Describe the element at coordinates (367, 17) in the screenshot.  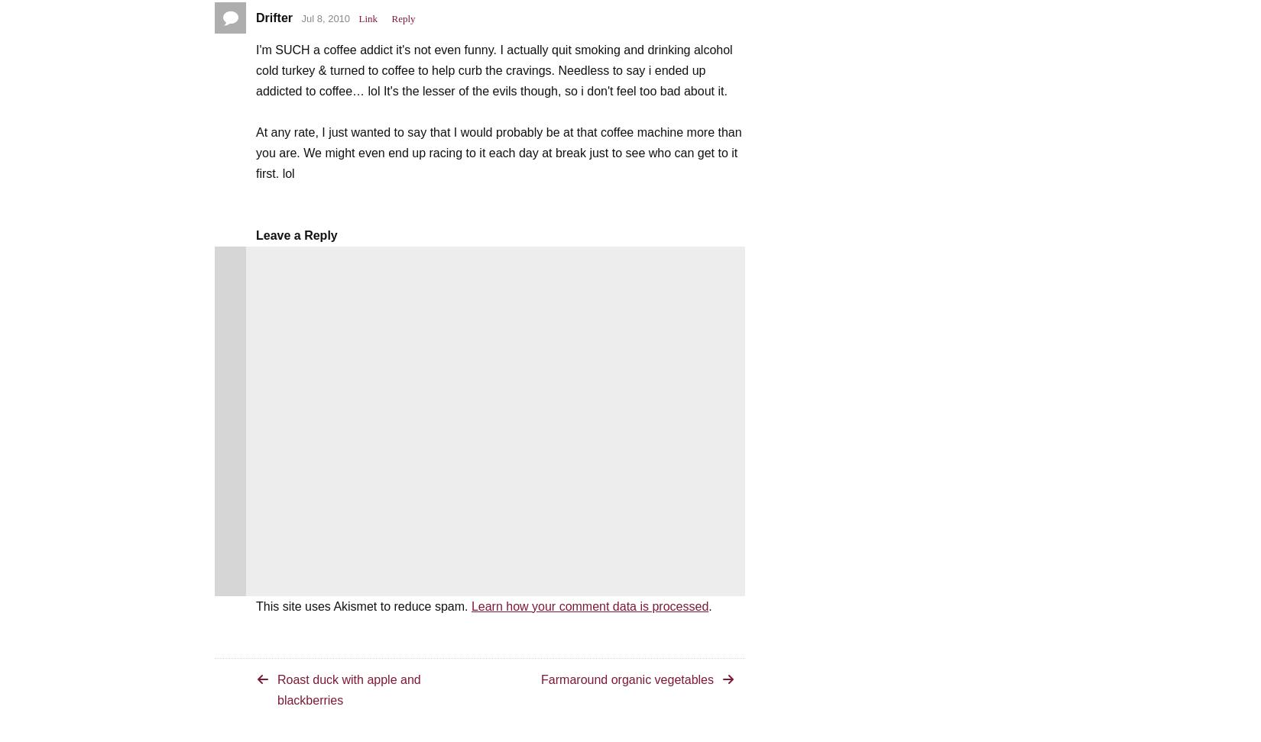
I see `'Link'` at that location.